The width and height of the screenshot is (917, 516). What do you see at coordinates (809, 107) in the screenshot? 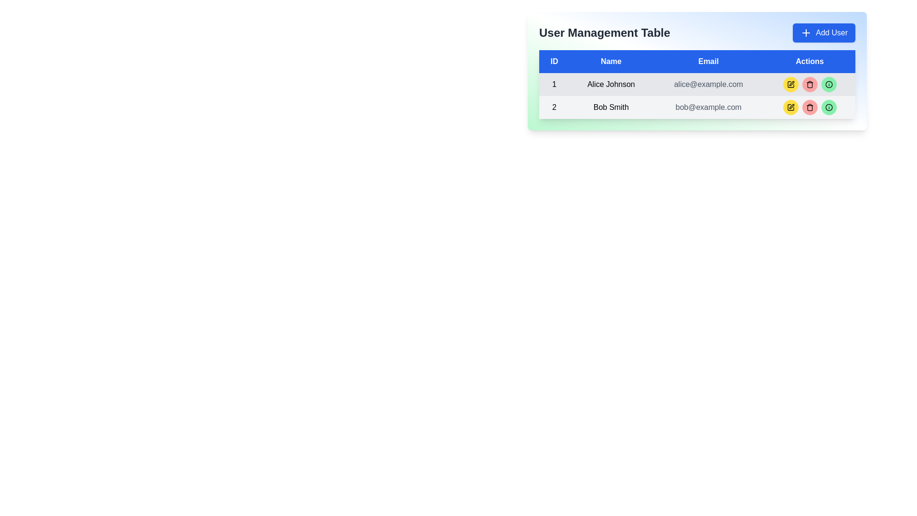
I see `the circular red button with a trash bin icon located in the 'Actions' column of the second row for user 'Bob Smith'` at bounding box center [809, 107].